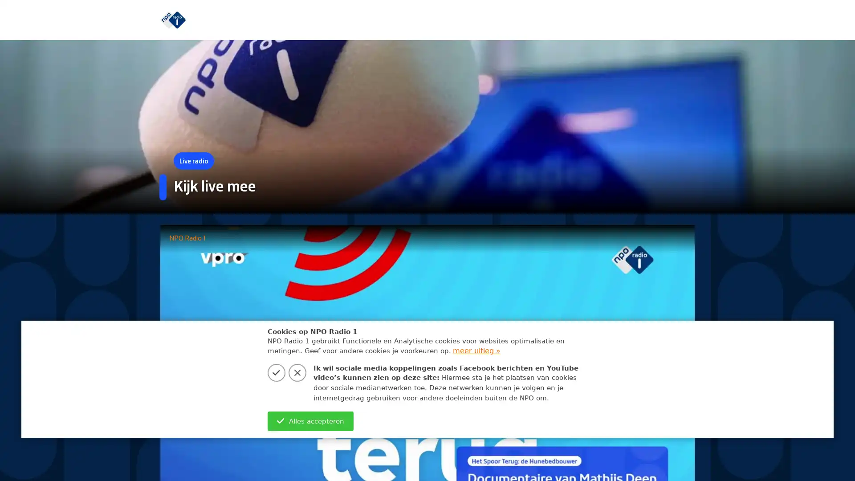  I want to click on zoeken, so click(685, 20).